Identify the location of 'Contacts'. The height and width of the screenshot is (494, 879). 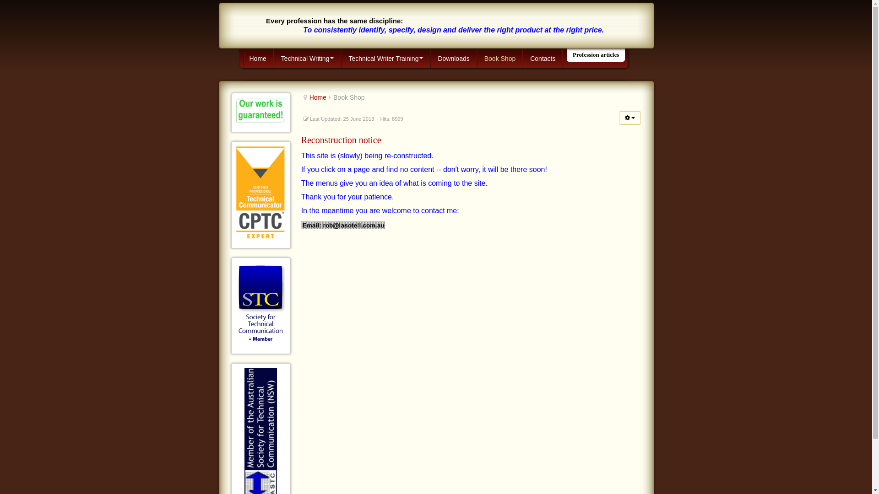
(543, 58).